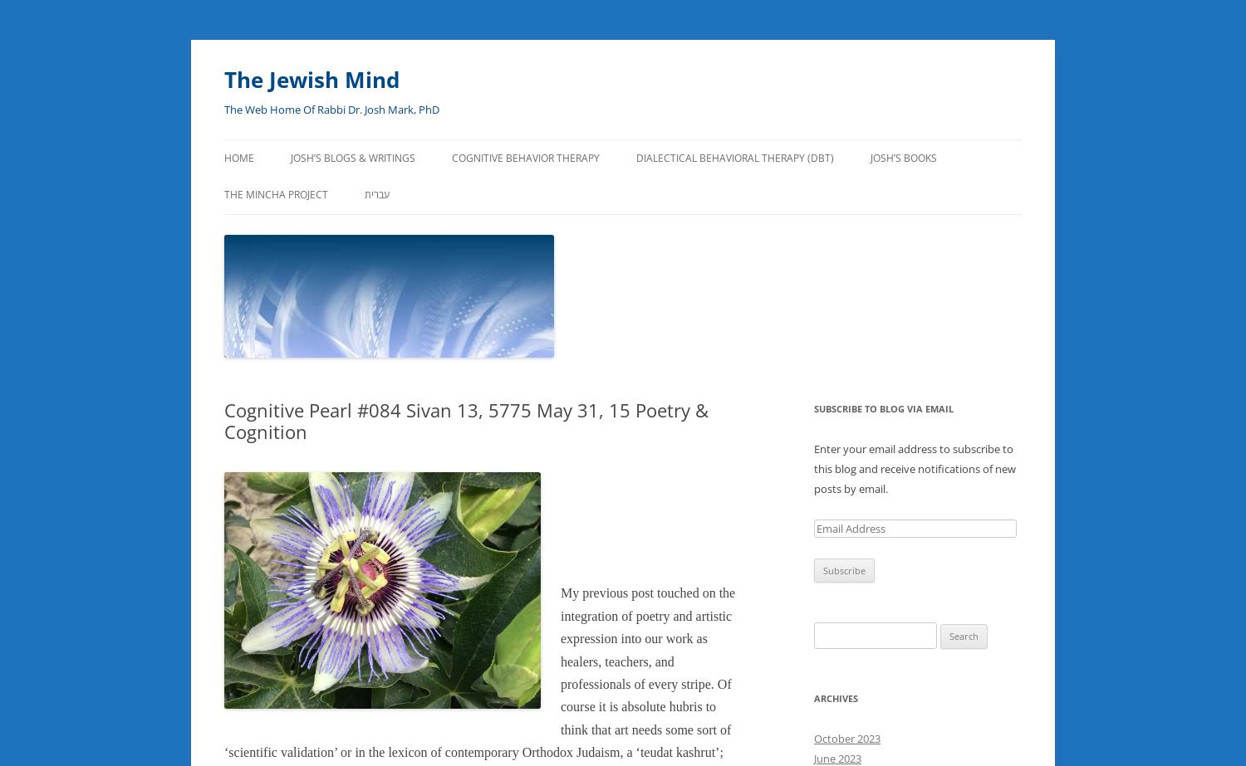 The width and height of the screenshot is (1246, 766). What do you see at coordinates (836, 697) in the screenshot?
I see `'Archives'` at bounding box center [836, 697].